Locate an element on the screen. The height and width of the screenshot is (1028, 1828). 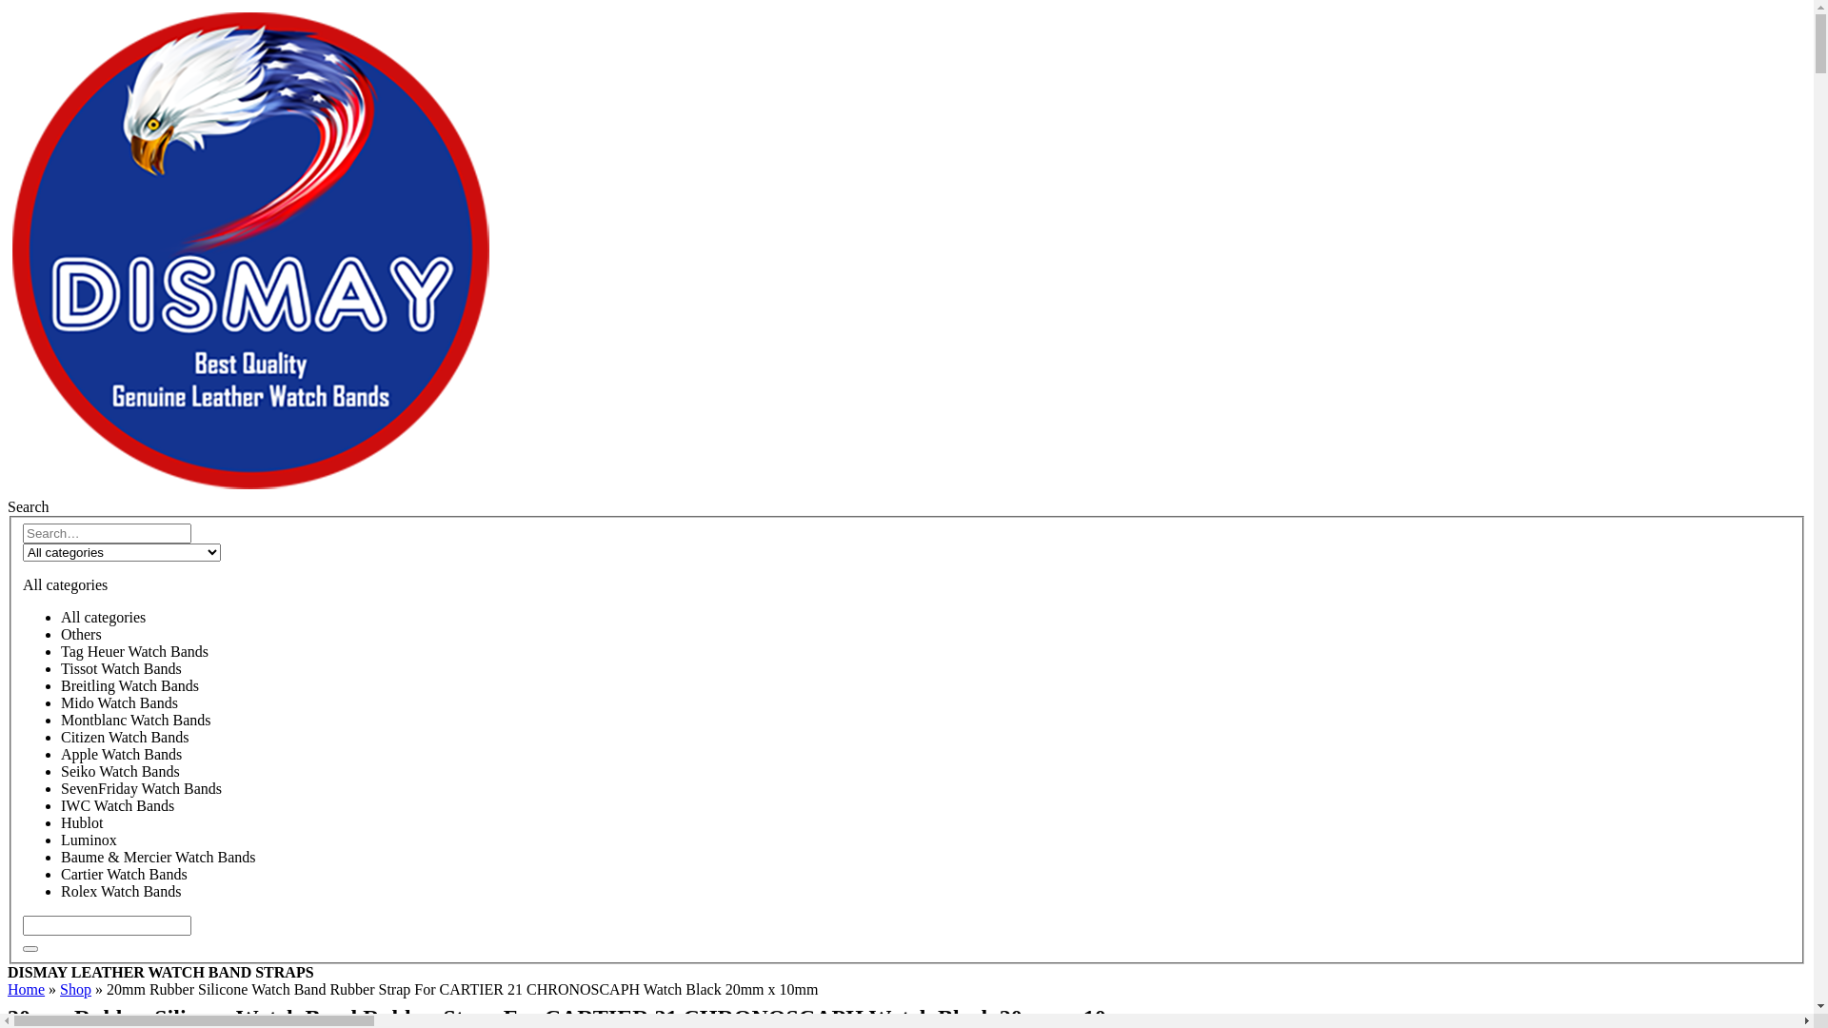
'Shop' is located at coordinates (59, 988).